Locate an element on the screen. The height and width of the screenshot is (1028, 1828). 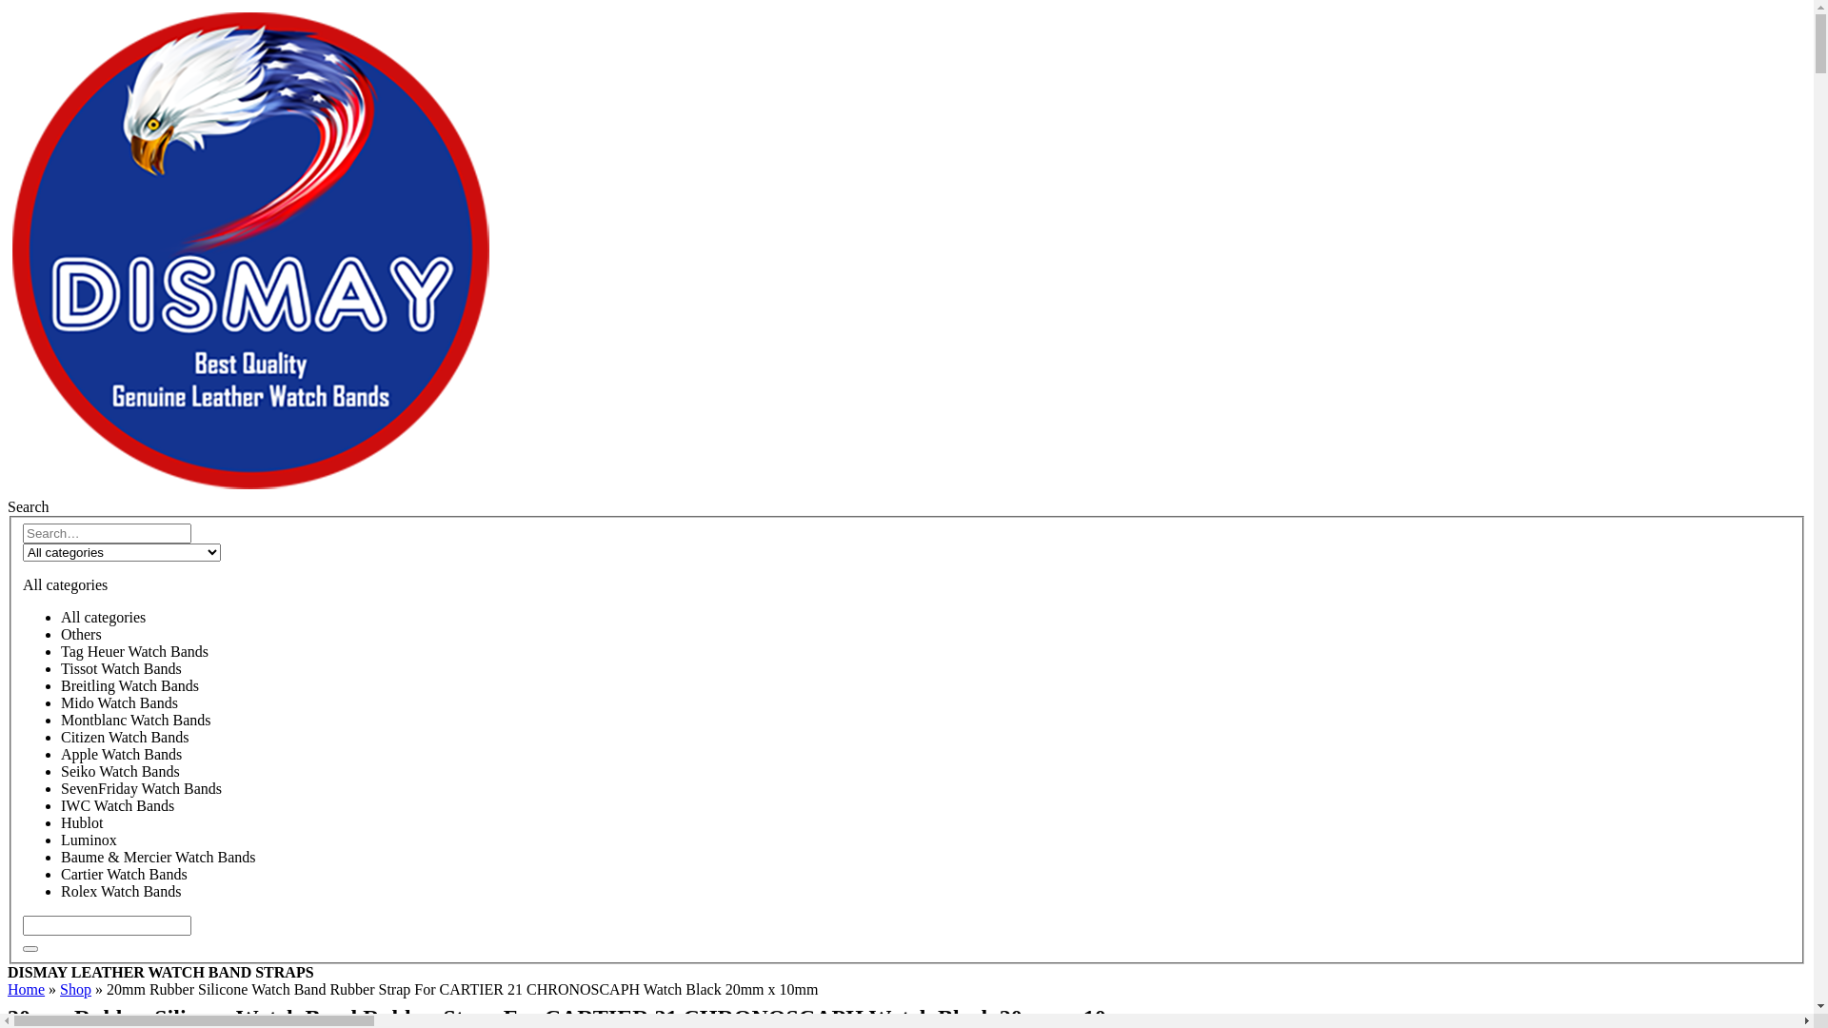
'Shop' is located at coordinates (59, 988).